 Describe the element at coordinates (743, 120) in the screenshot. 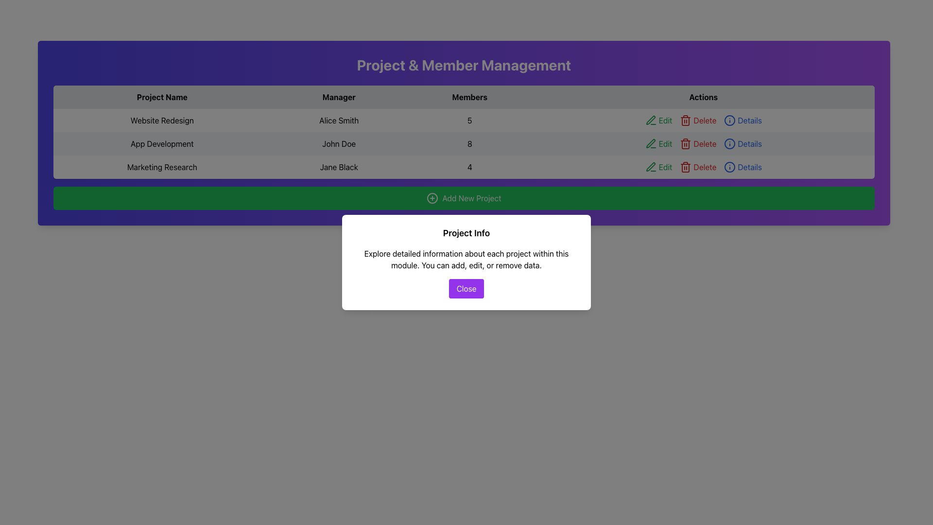

I see `the 'Details' button located in the third column of the table's third row` at that location.